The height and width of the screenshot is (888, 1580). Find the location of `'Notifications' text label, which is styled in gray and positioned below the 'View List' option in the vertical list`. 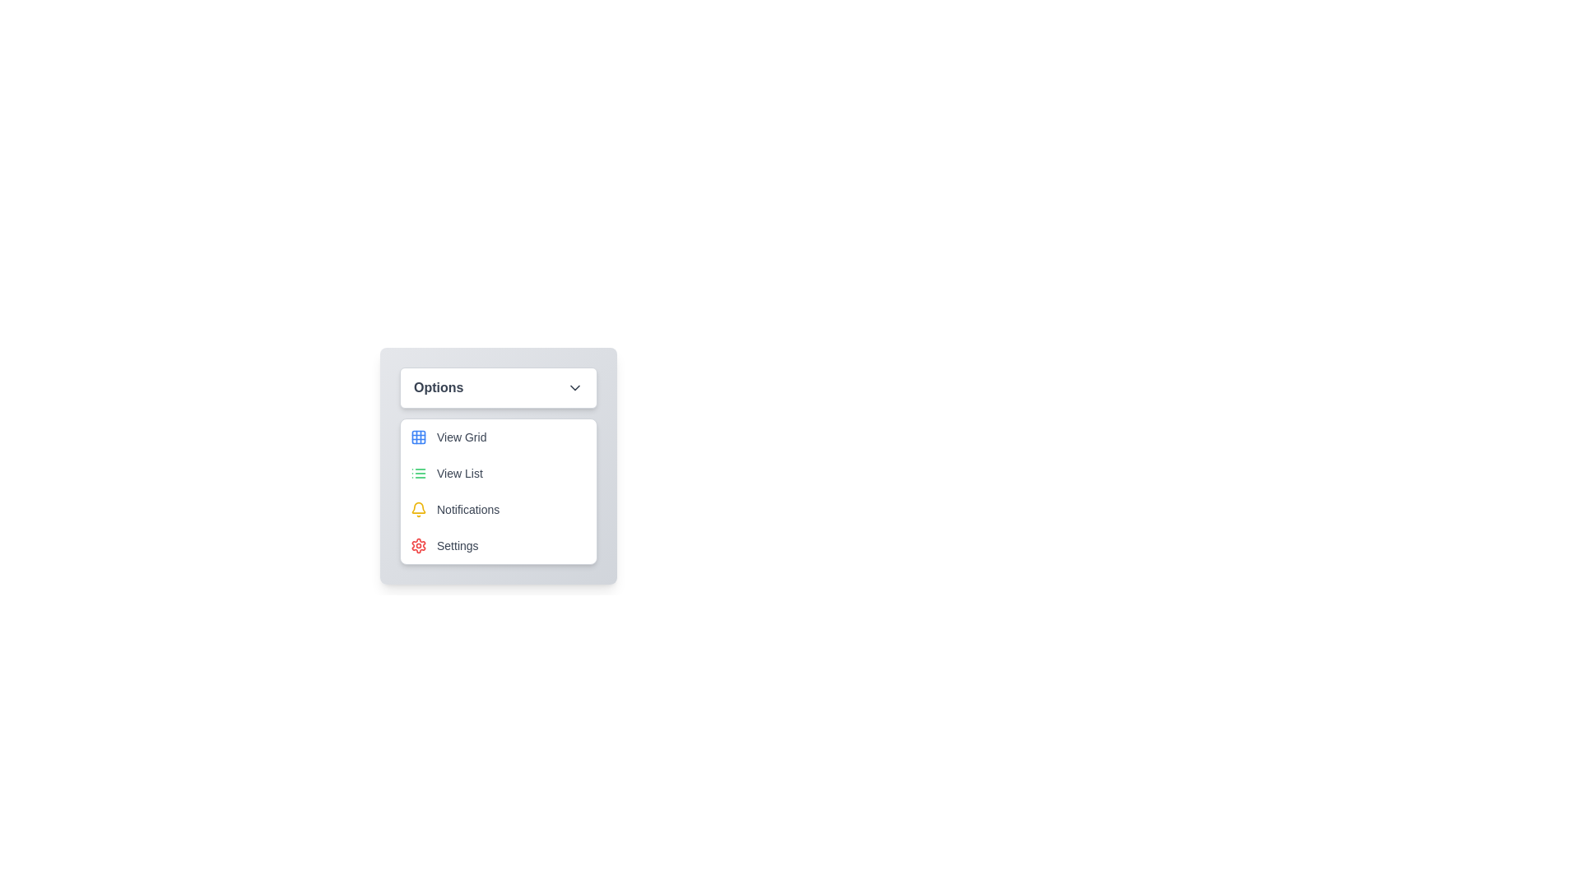

'Notifications' text label, which is styled in gray and positioned below the 'View List' option in the vertical list is located at coordinates (467, 509).